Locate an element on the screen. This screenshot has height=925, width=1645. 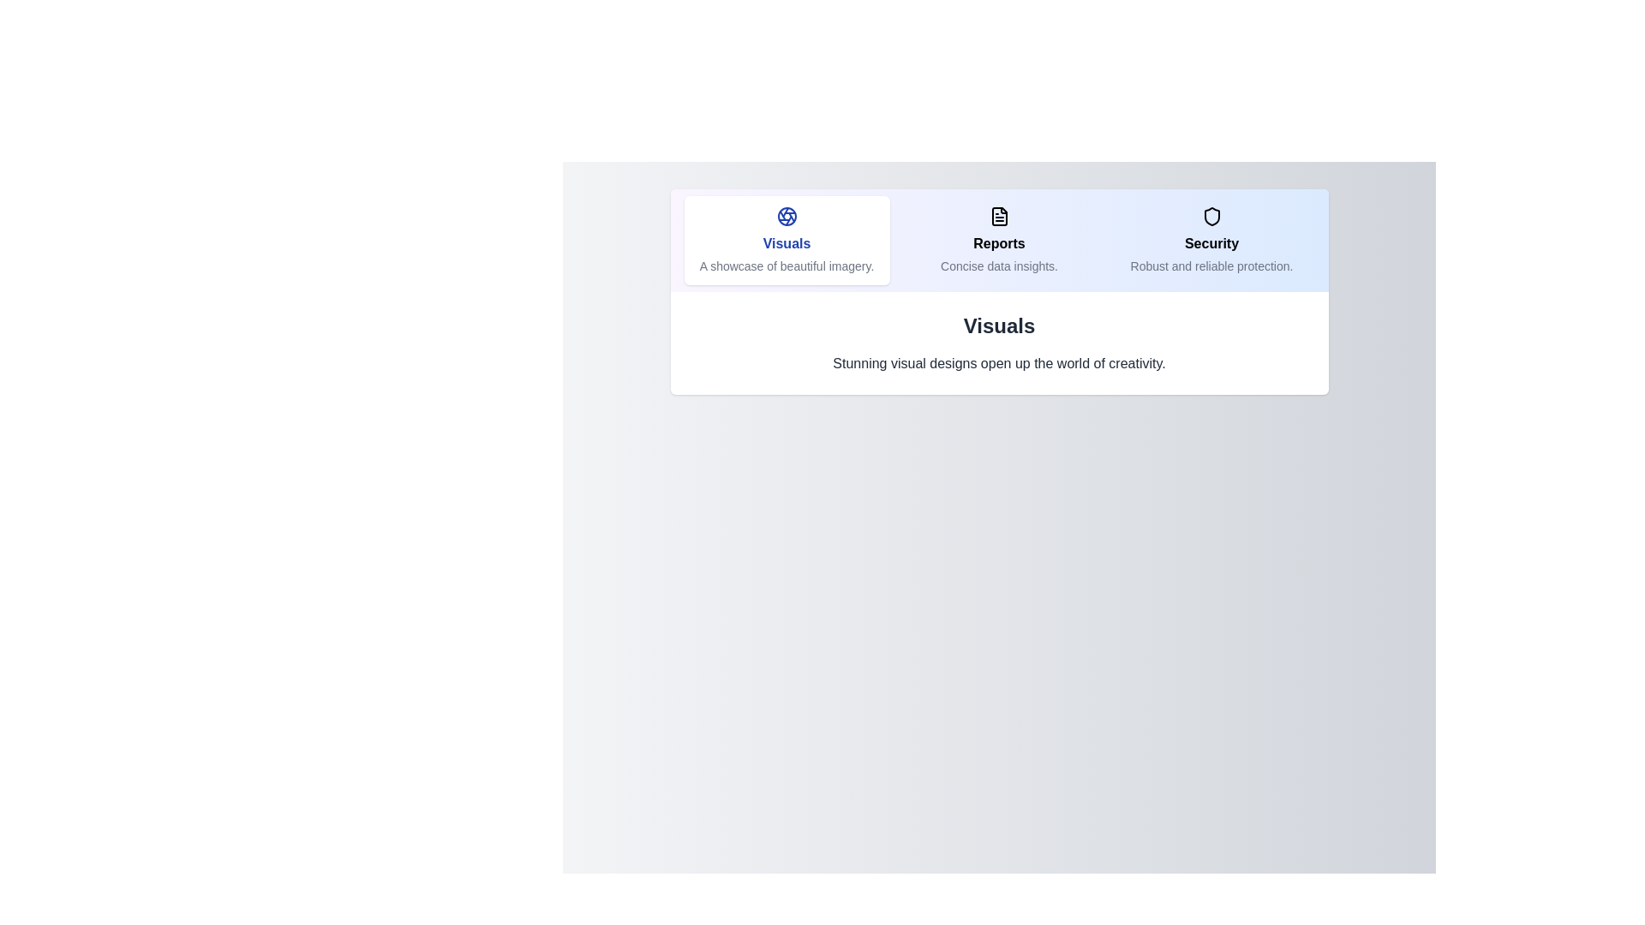
the tab labeled Security to preview its interaction effect is located at coordinates (1211, 241).